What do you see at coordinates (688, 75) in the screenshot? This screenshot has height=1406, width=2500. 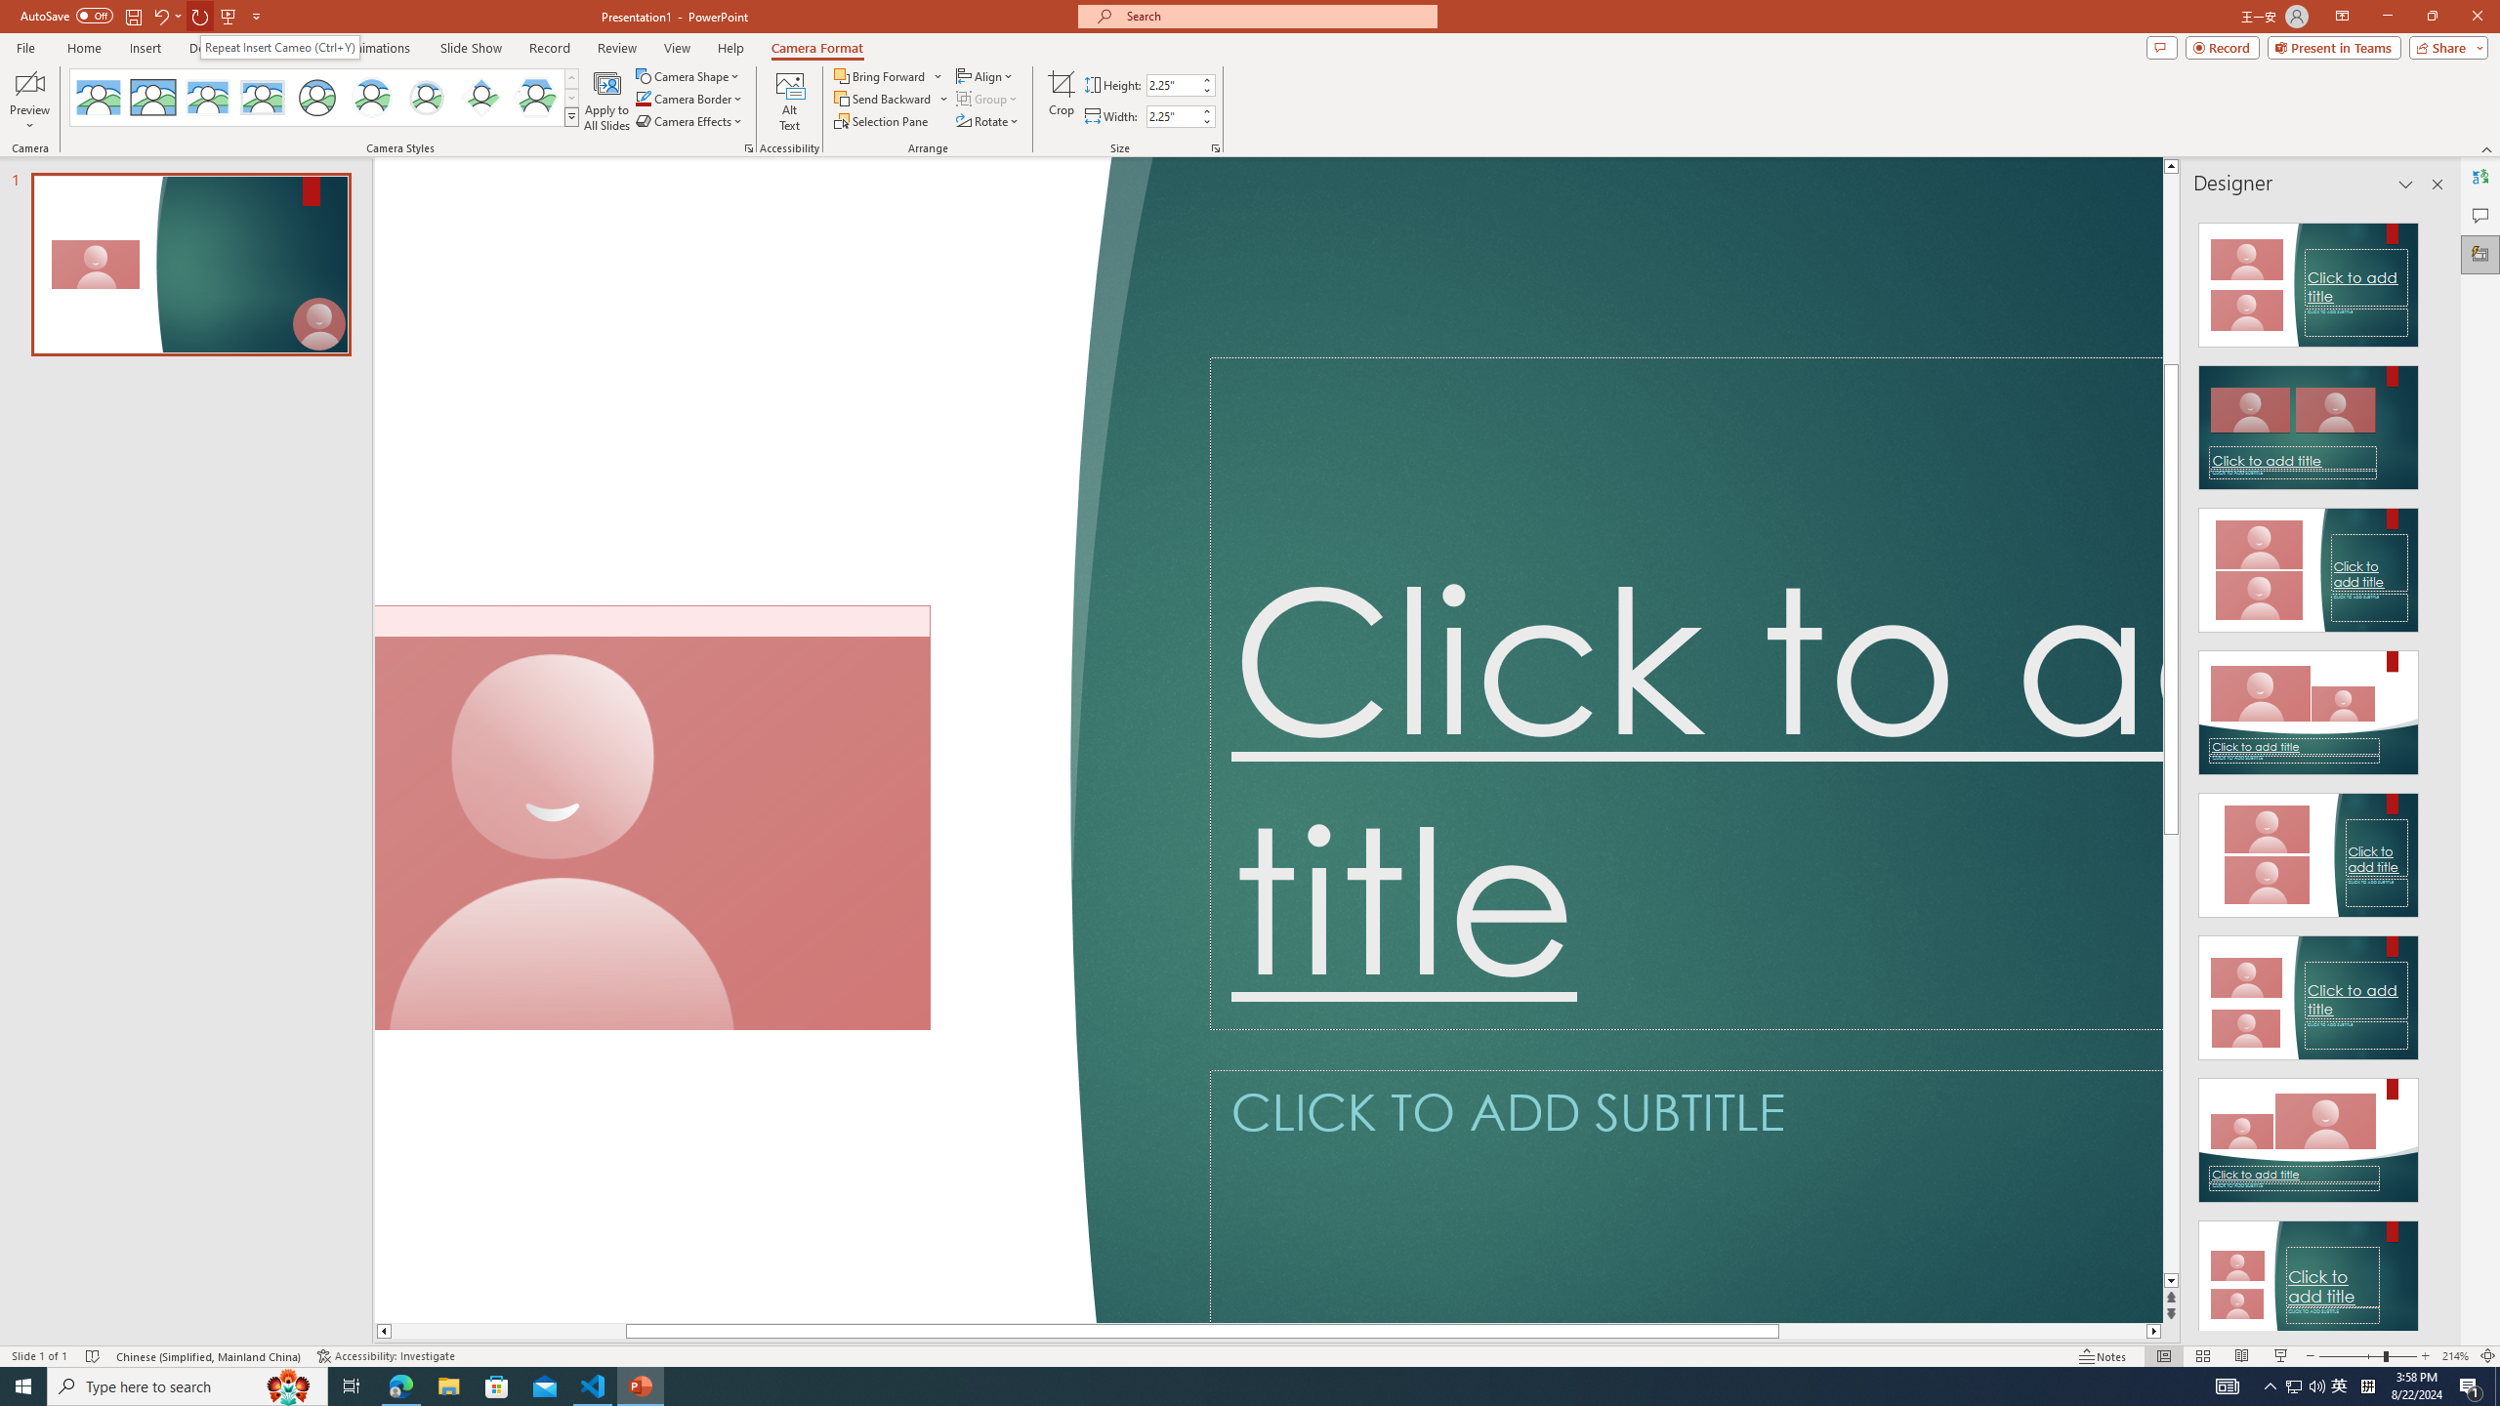 I see `'Camera Shape'` at bounding box center [688, 75].